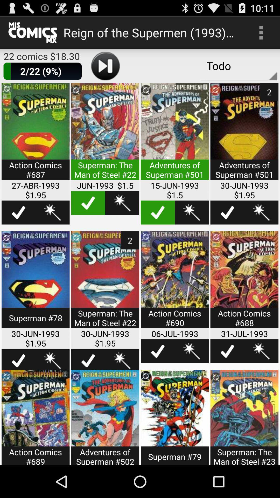  Describe the element at coordinates (192, 212) in the screenshot. I see `wizard edit` at that location.